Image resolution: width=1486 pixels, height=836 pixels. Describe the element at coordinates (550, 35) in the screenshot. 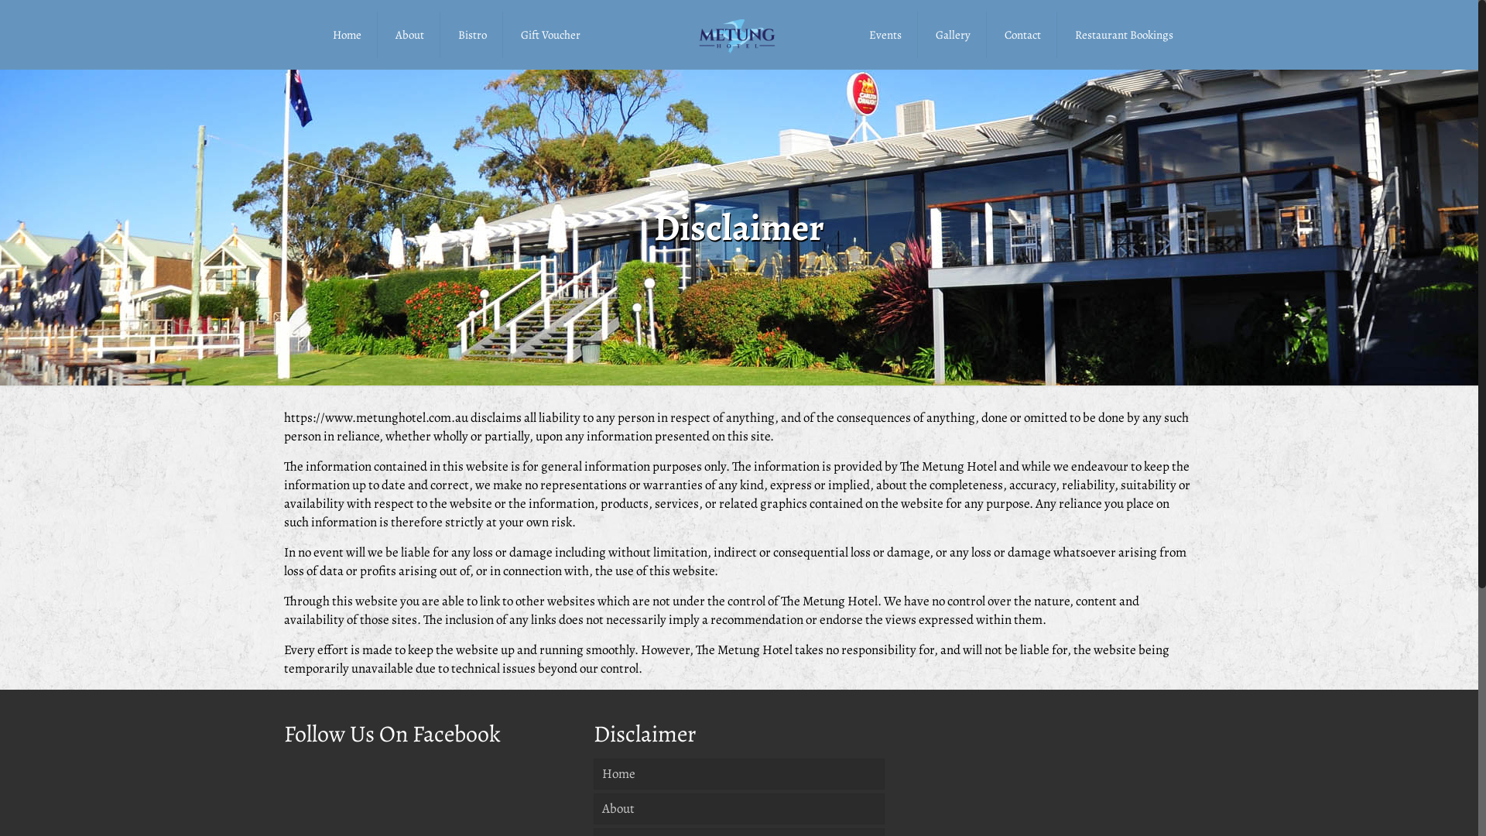

I see `'Gift Voucher'` at that location.